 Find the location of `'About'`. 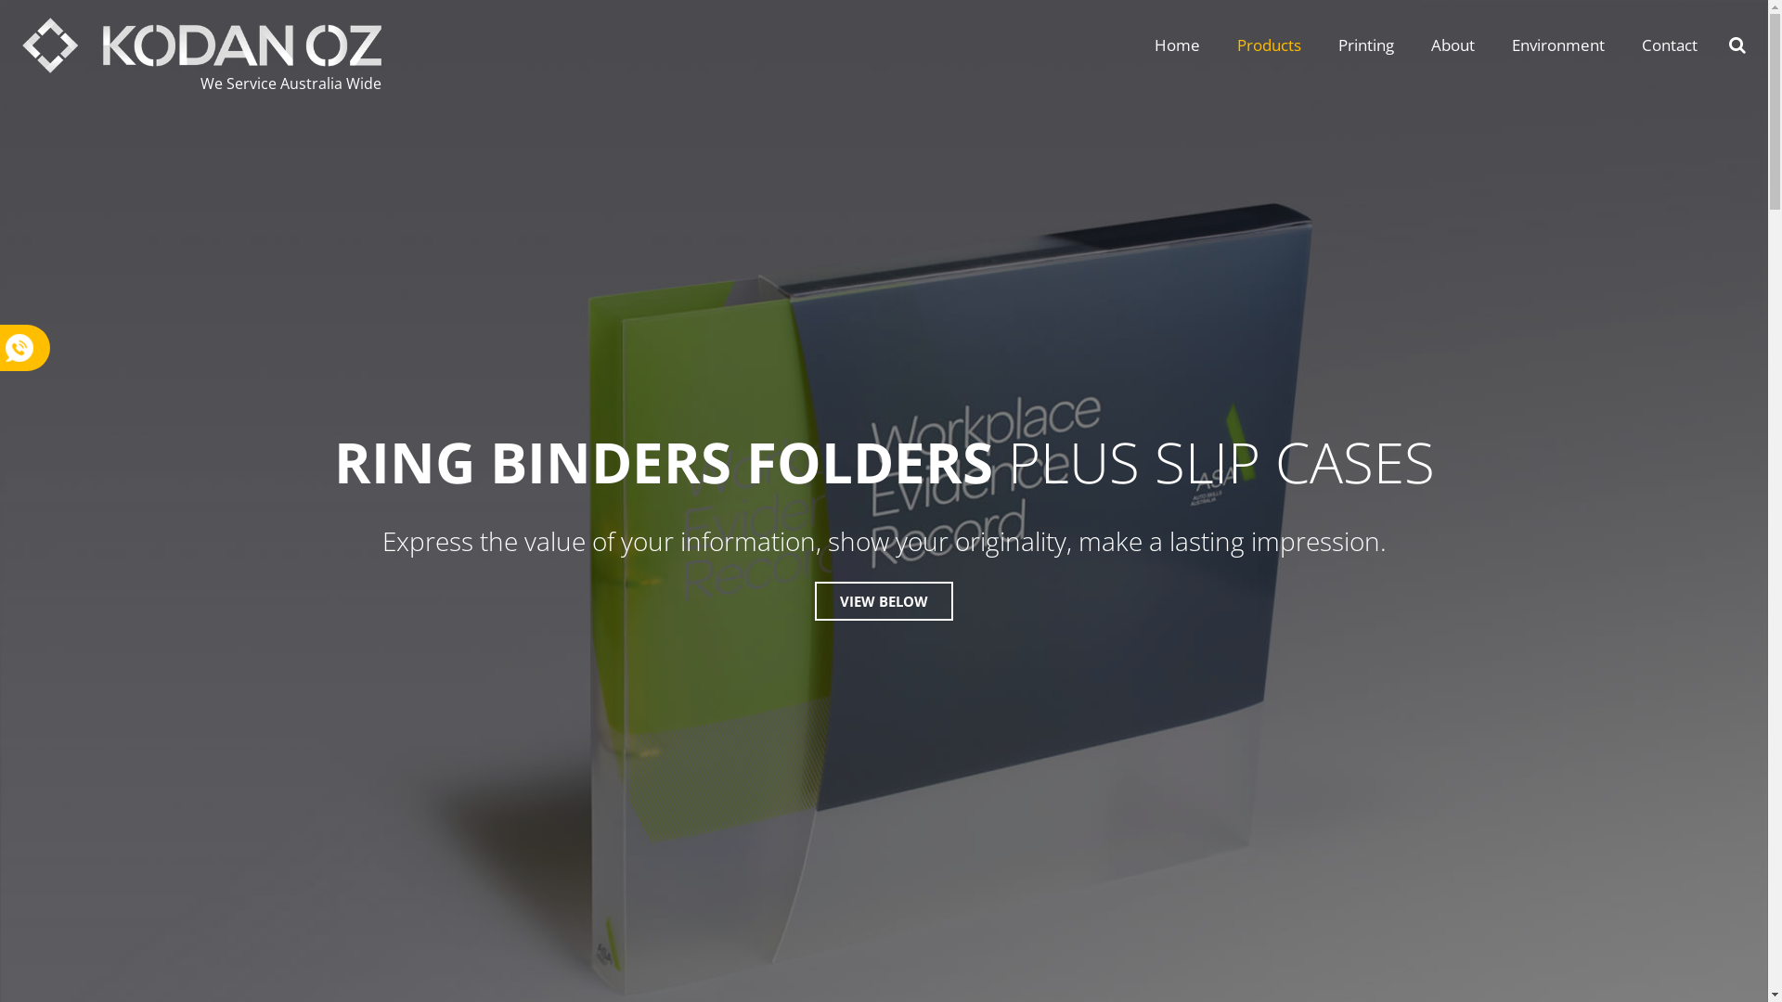

'About' is located at coordinates (1452, 45).